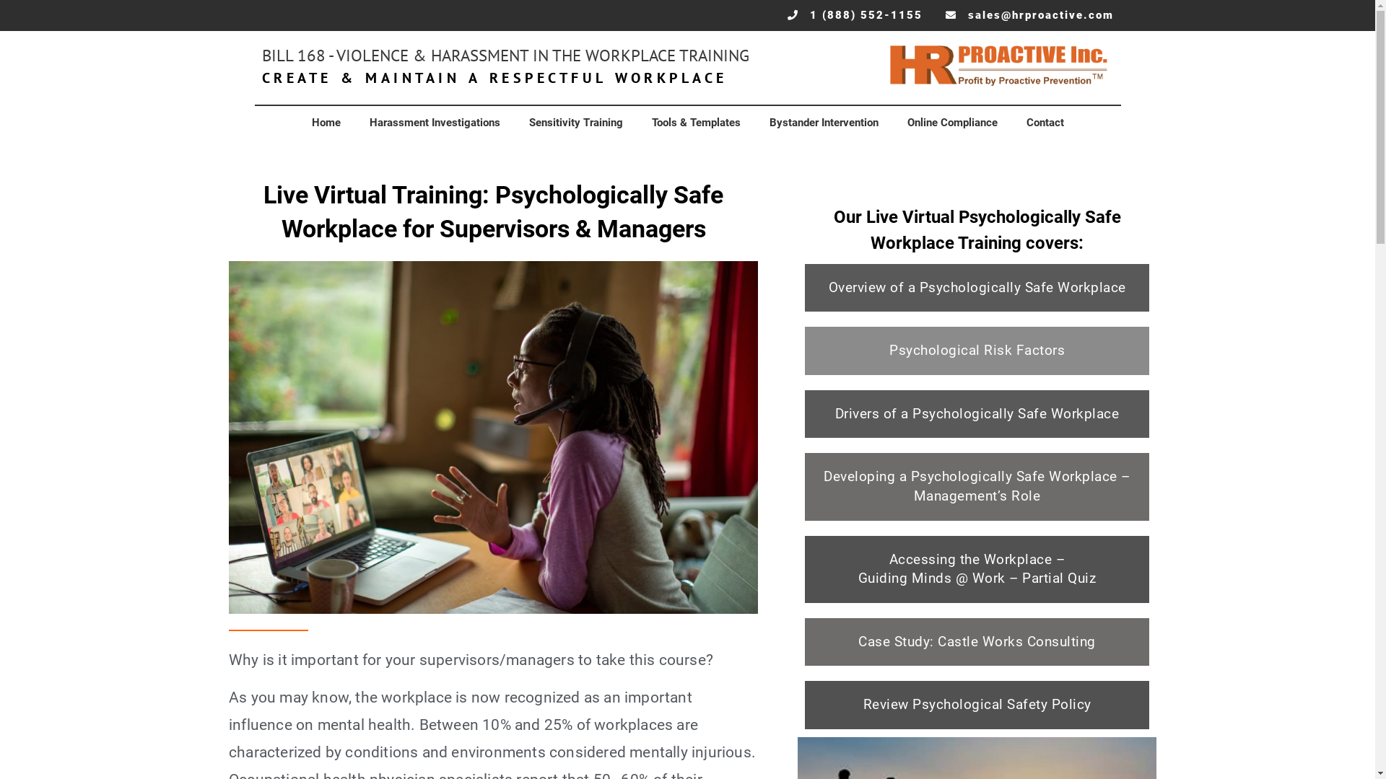 This screenshot has width=1386, height=779. What do you see at coordinates (951, 121) in the screenshot?
I see `'Online Compliance'` at bounding box center [951, 121].